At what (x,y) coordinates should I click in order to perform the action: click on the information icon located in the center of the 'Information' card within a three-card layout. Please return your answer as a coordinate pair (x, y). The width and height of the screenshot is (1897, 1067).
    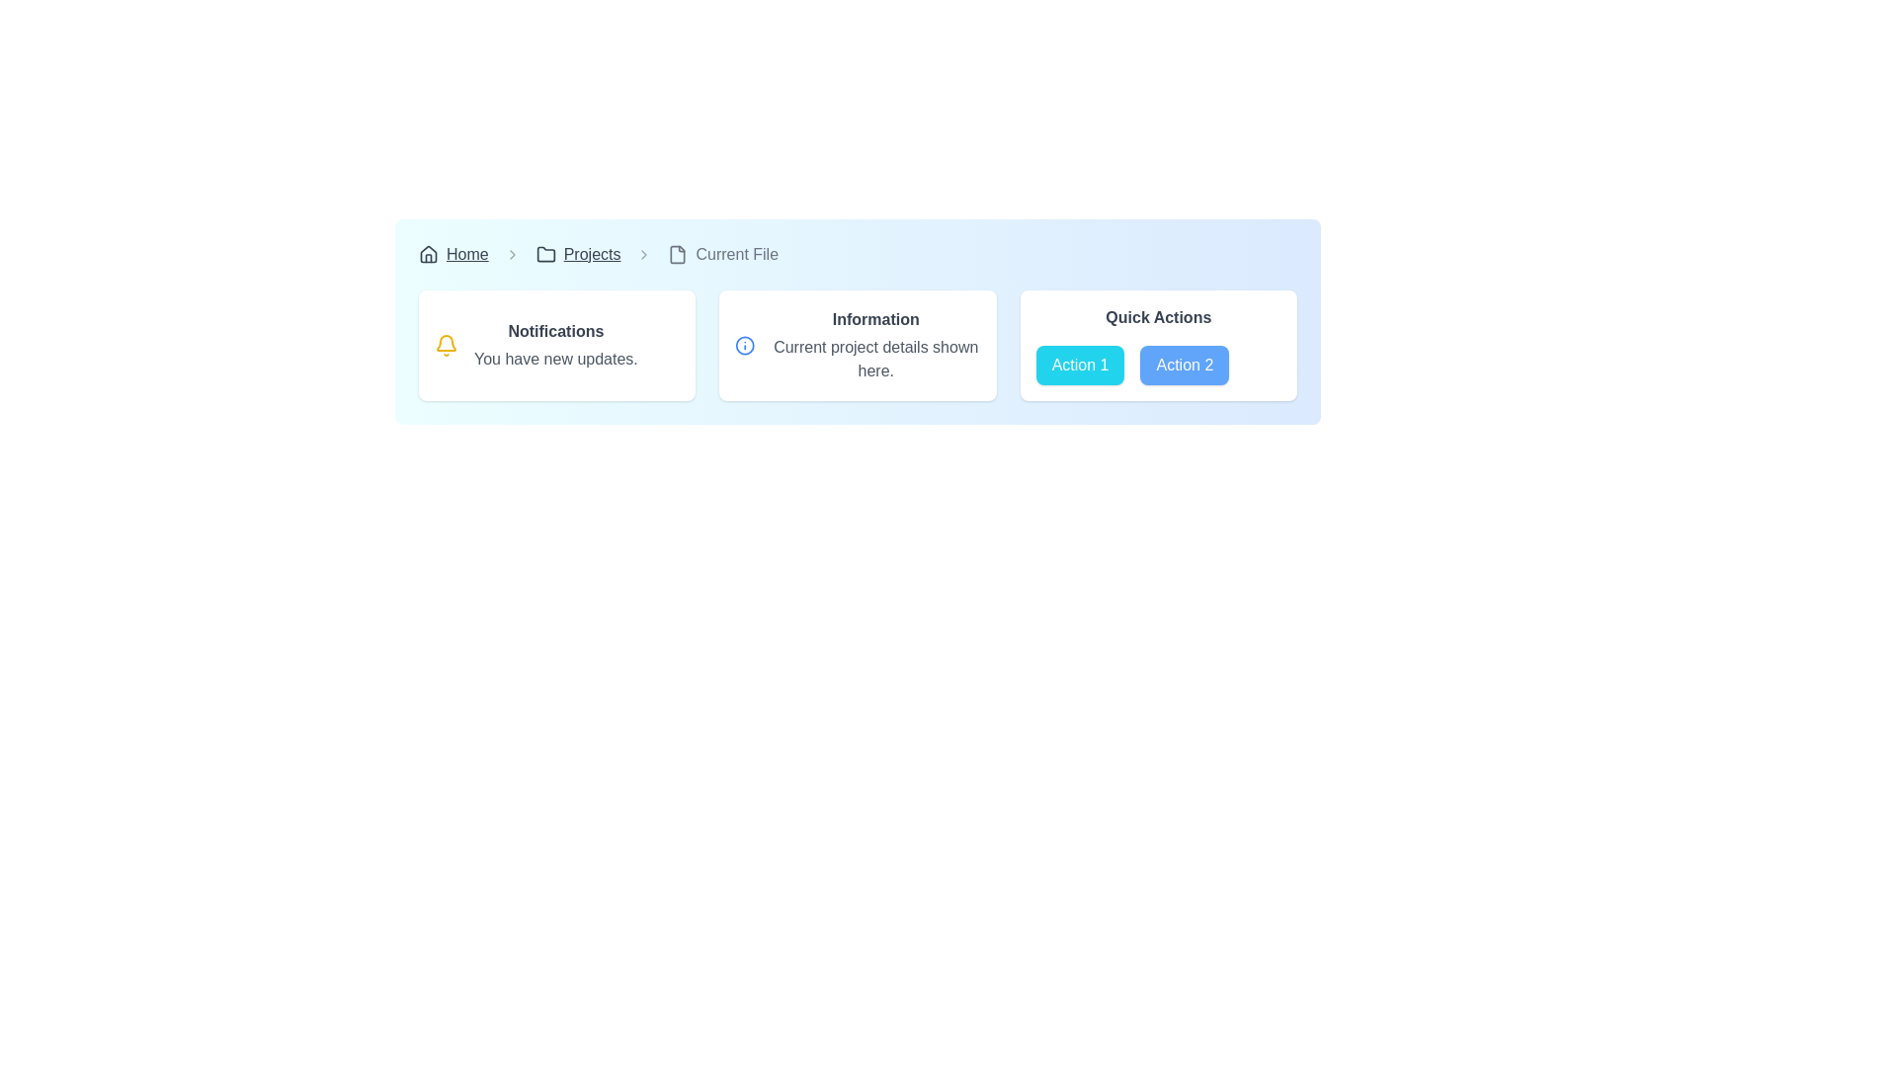
    Looking at the image, I should click on (744, 345).